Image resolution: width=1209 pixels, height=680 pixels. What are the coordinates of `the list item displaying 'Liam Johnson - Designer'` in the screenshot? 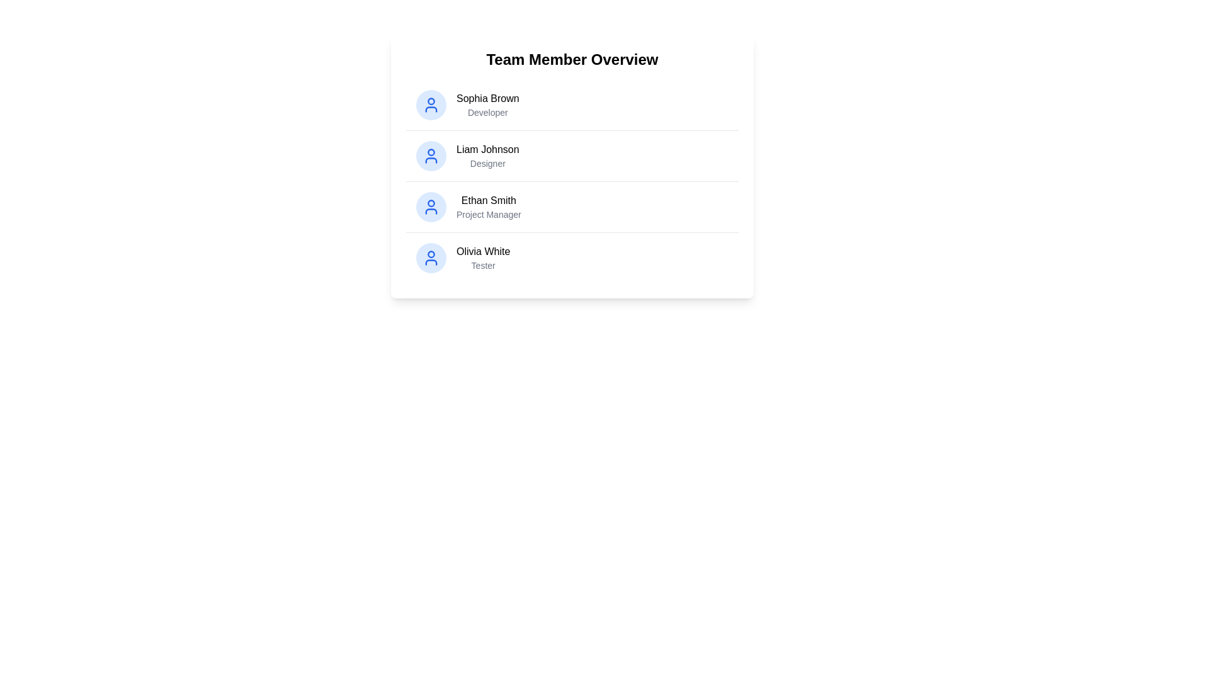 It's located at (467, 155).